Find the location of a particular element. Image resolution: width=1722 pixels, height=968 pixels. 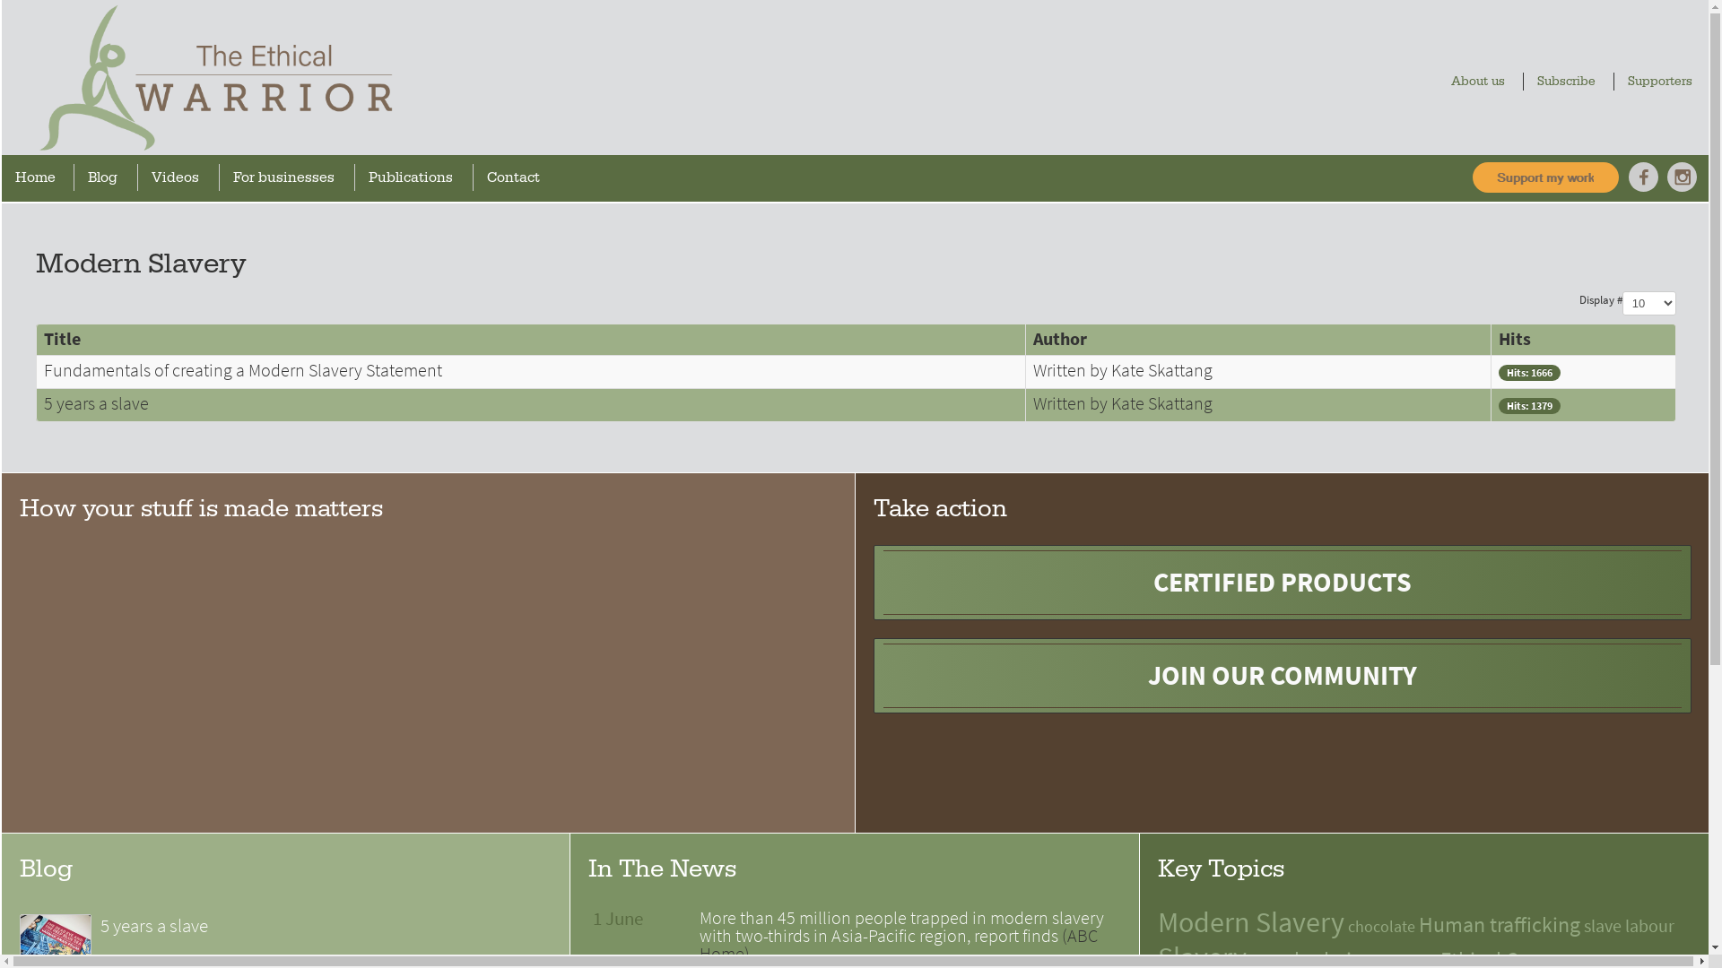

'Publications' is located at coordinates (415, 177).